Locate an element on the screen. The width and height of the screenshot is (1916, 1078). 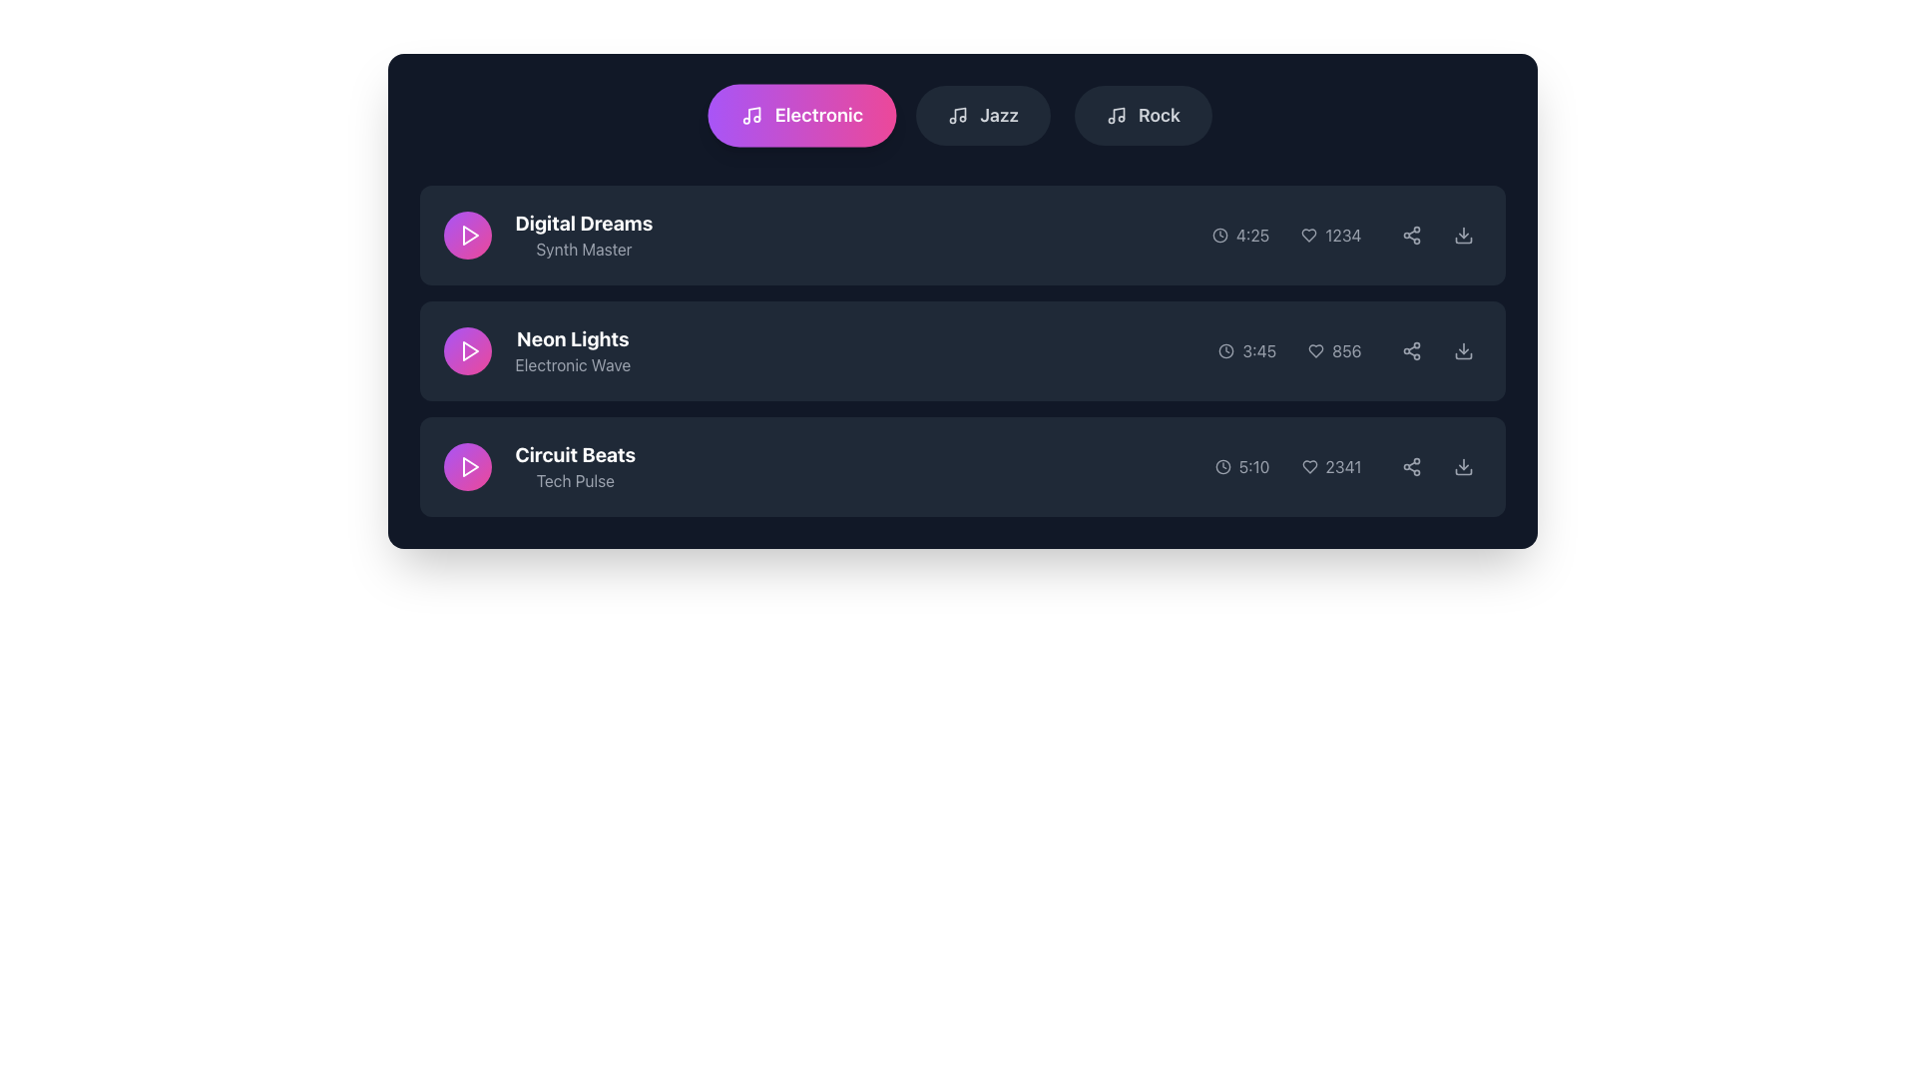
the text block displaying the song title 'Circuit Beats' and artist 'Tech Pulse' in the third row of the playlist interface is located at coordinates (539, 466).